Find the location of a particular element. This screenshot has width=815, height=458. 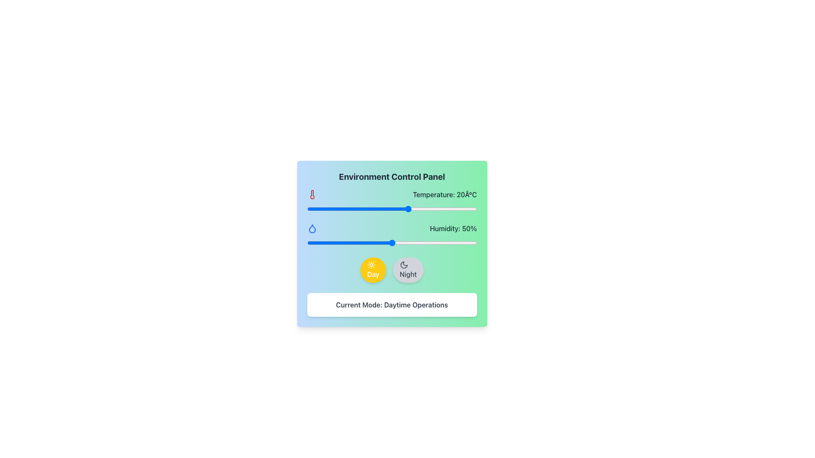

the humidity is located at coordinates (412, 243).